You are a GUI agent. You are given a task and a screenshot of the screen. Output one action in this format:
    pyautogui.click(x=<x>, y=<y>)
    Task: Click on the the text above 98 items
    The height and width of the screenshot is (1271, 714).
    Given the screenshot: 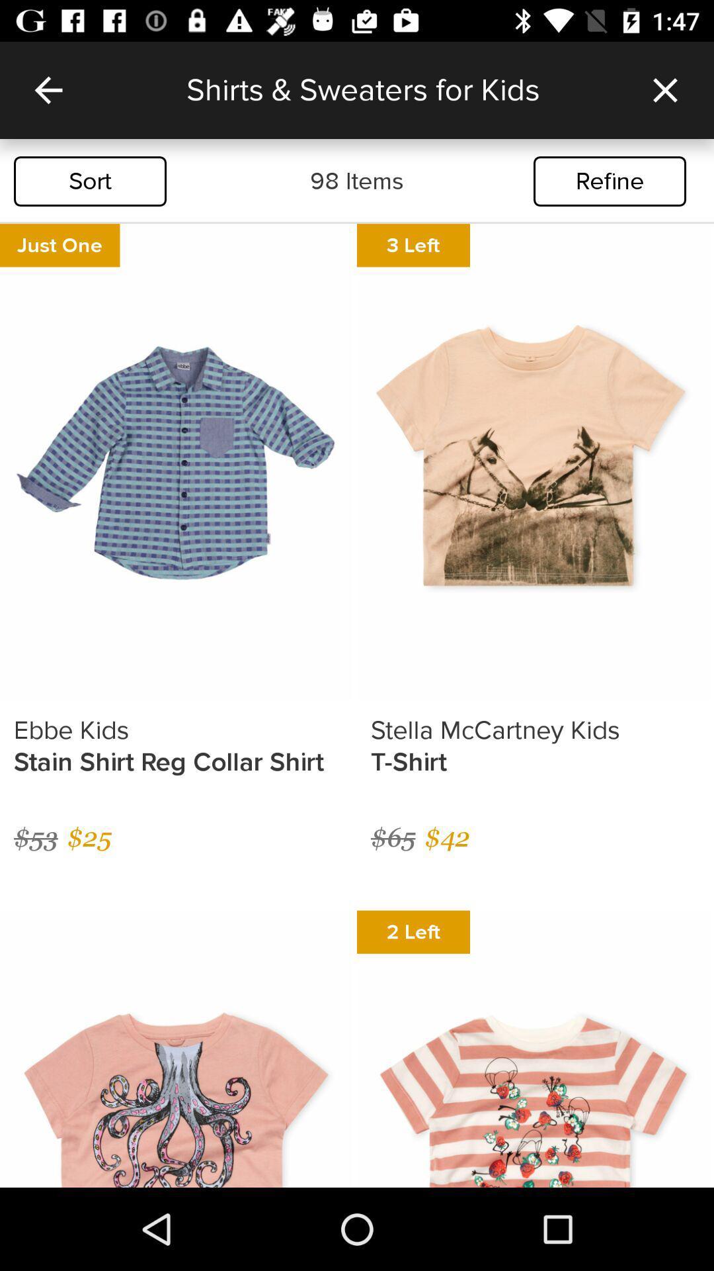 What is the action you would take?
    pyautogui.click(x=401, y=89)
    